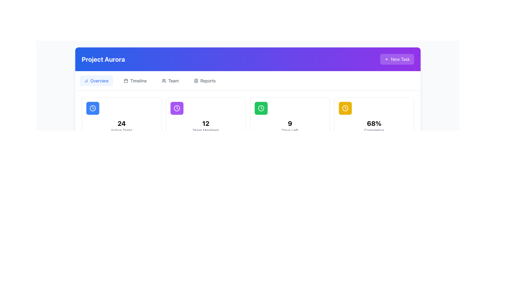 Image resolution: width=518 pixels, height=291 pixels. I want to click on numeric value displayed as a bold numeral '9' in the third card of the horizontal sequence, which is located below the clock icon, so click(290, 123).